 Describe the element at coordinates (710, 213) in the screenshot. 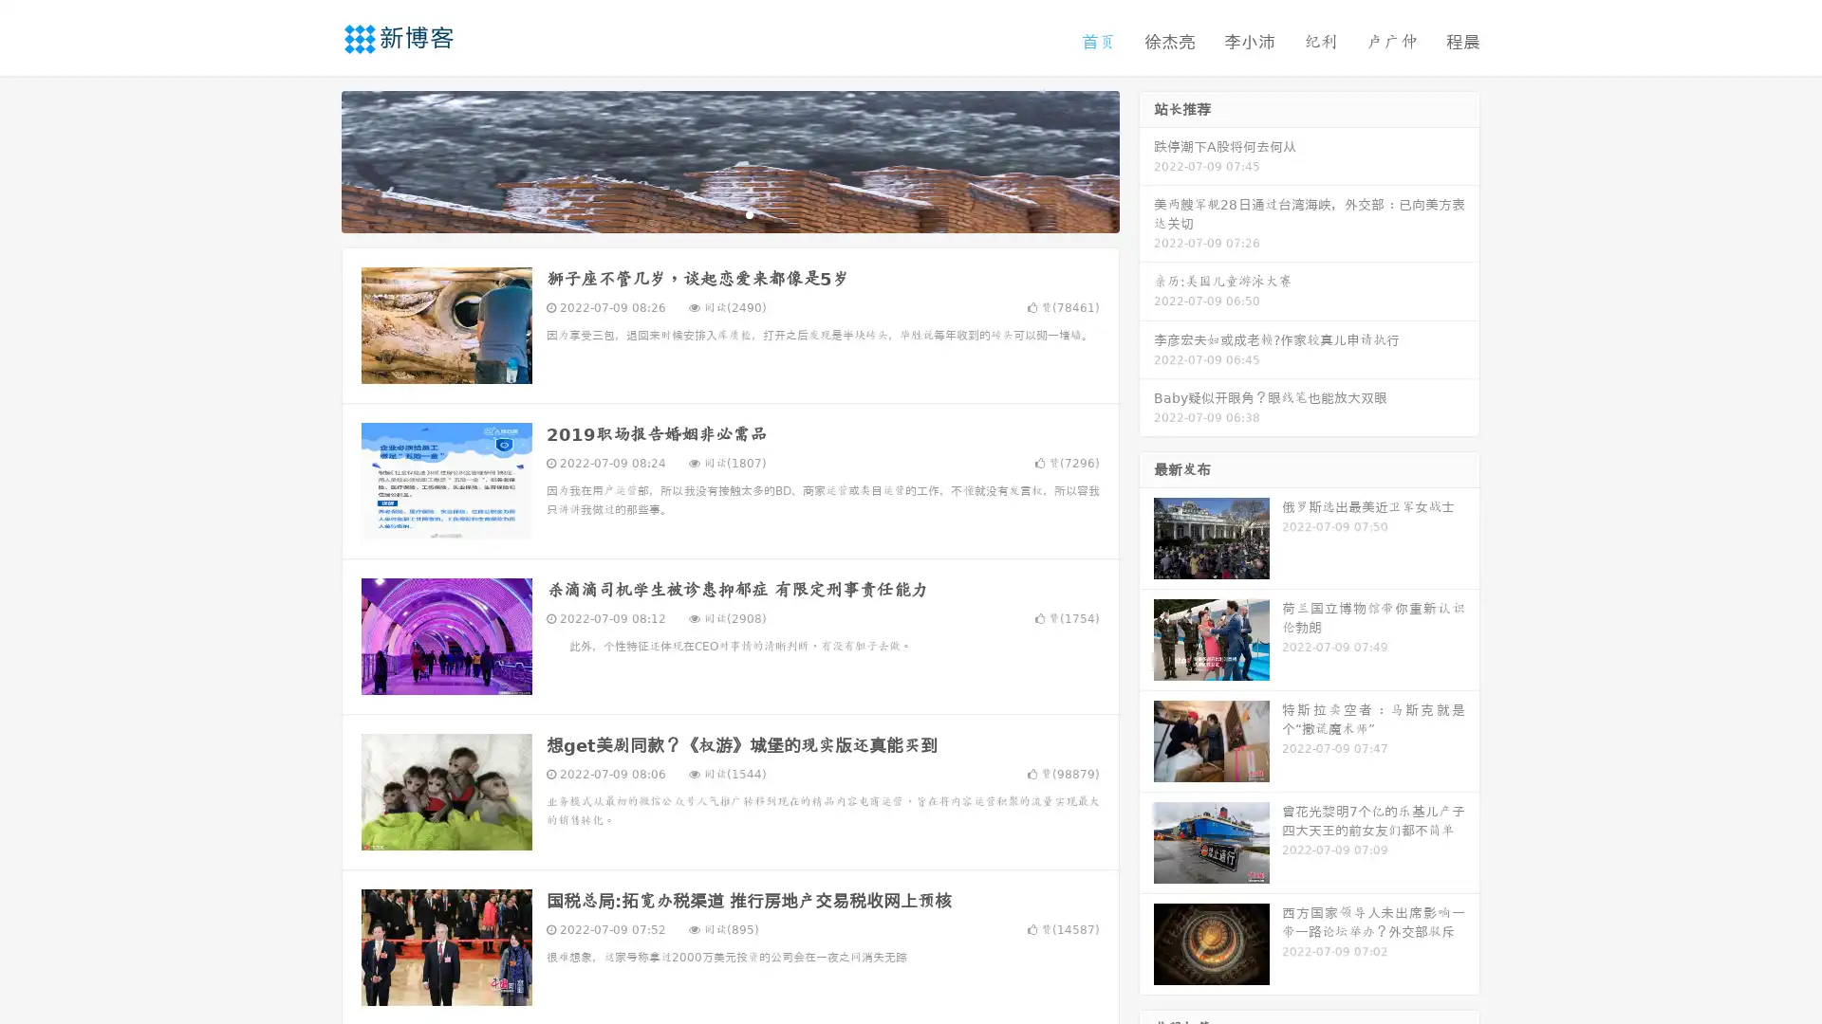

I see `Go to slide 1` at that location.